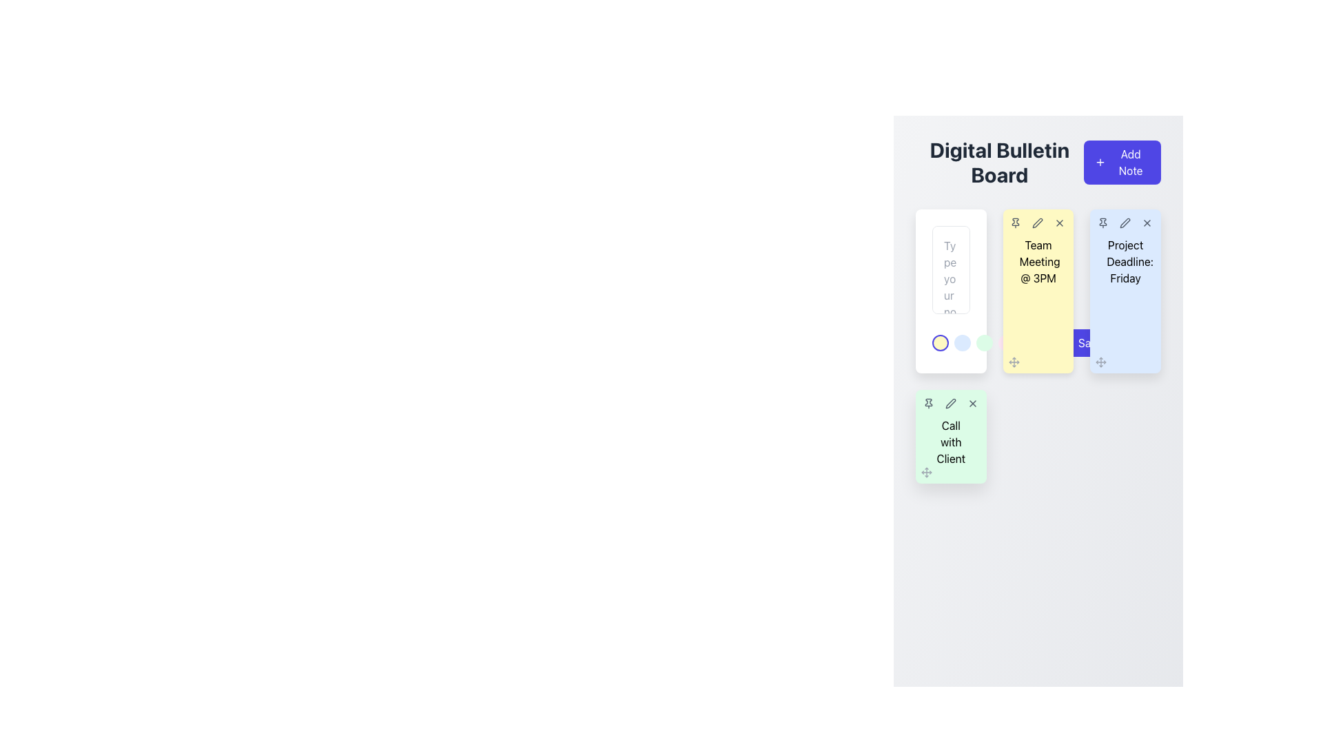 Image resolution: width=1323 pixels, height=744 pixels. I want to click on the card labeled 'Project Deadline: Friday', so click(1125, 291).